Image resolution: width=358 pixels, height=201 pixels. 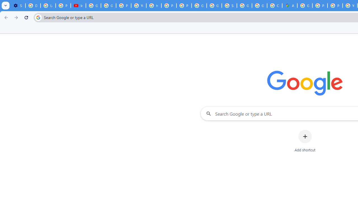 What do you see at coordinates (274, 6) in the screenshot?
I see `'Create your Google Account'` at bounding box center [274, 6].